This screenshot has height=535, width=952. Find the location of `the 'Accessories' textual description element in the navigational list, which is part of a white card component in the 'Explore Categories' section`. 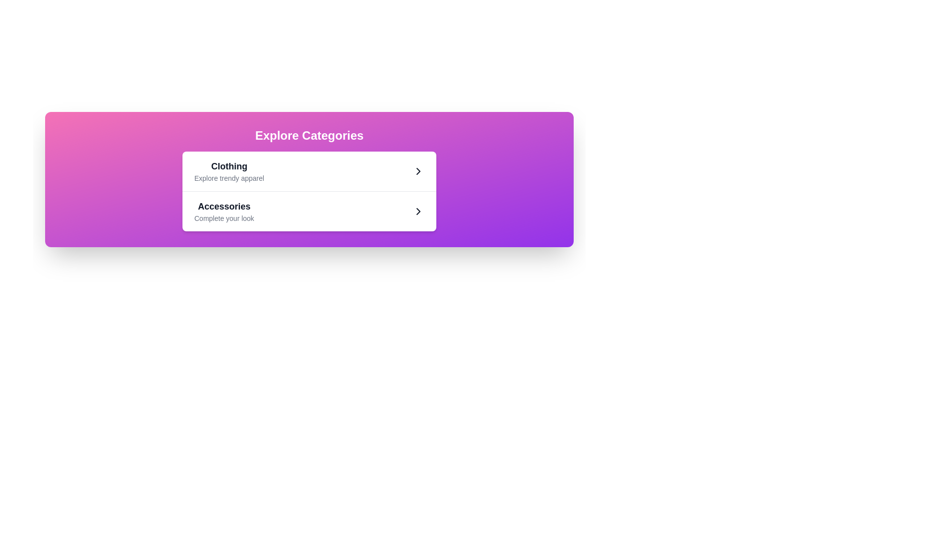

the 'Accessories' textual description element in the navigational list, which is part of a white card component in the 'Explore Categories' section is located at coordinates (224, 211).